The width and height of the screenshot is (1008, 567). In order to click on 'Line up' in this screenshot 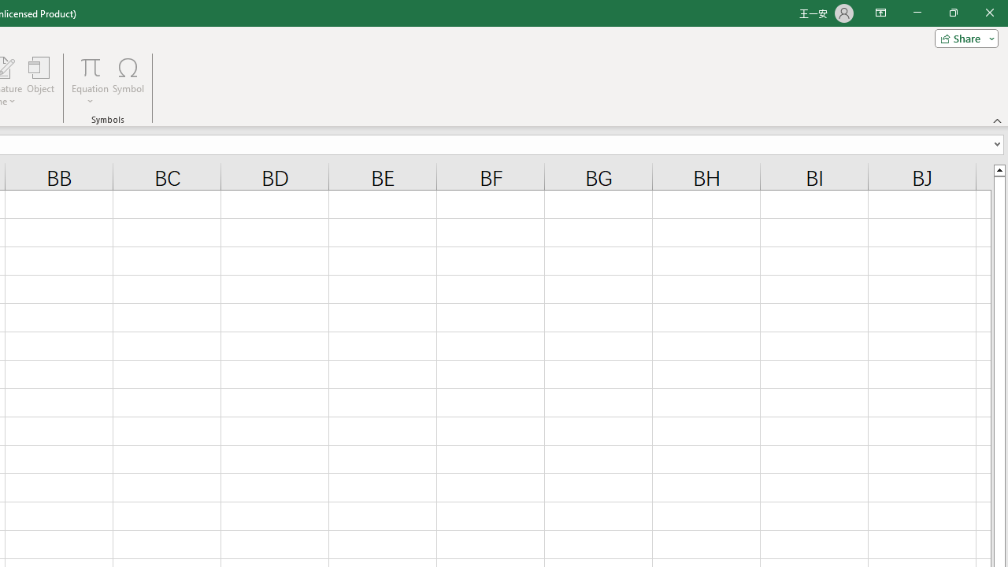, I will do `click(999, 169)`.